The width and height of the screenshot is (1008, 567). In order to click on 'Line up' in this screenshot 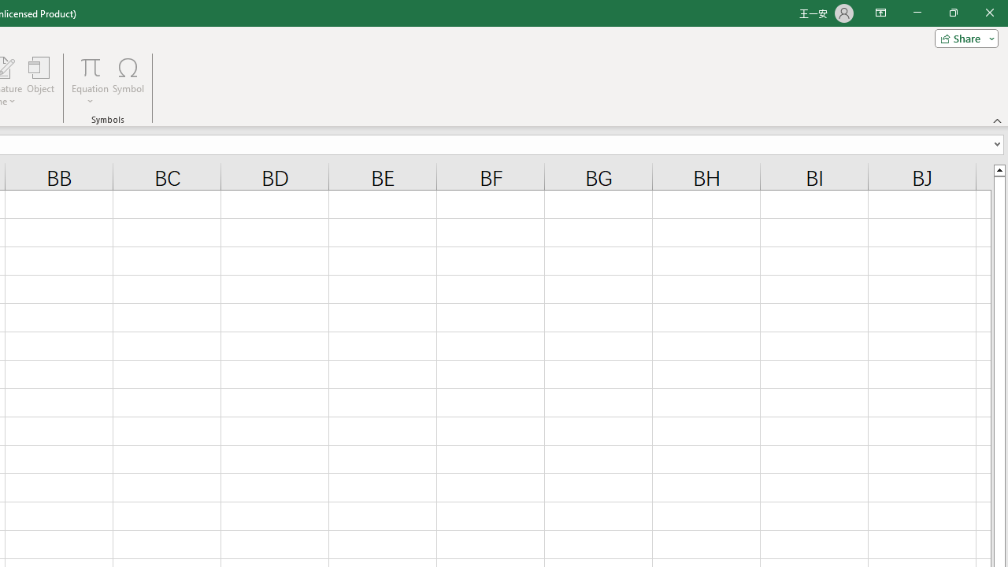, I will do `click(999, 169)`.